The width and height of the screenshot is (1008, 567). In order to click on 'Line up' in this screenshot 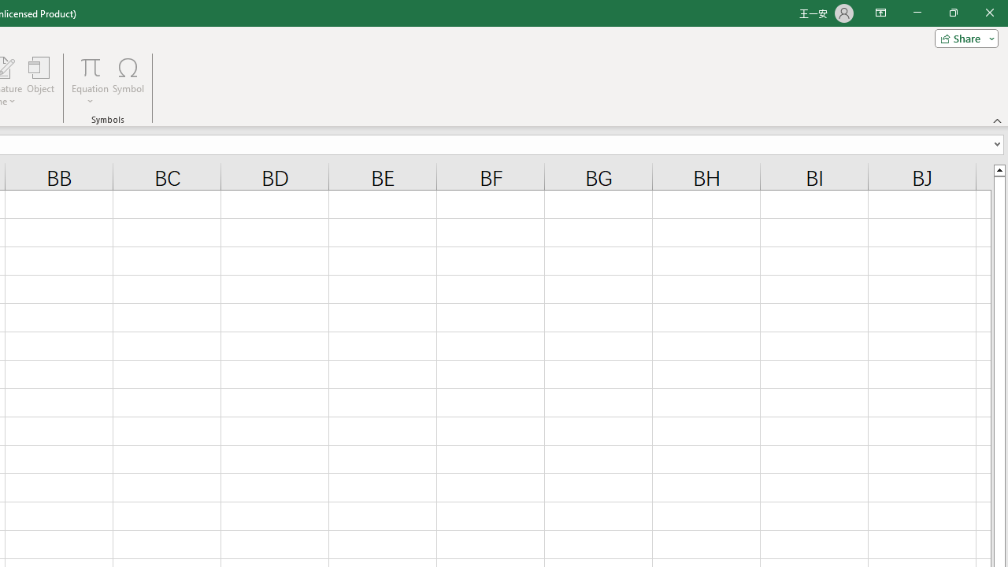, I will do `click(999, 169)`.